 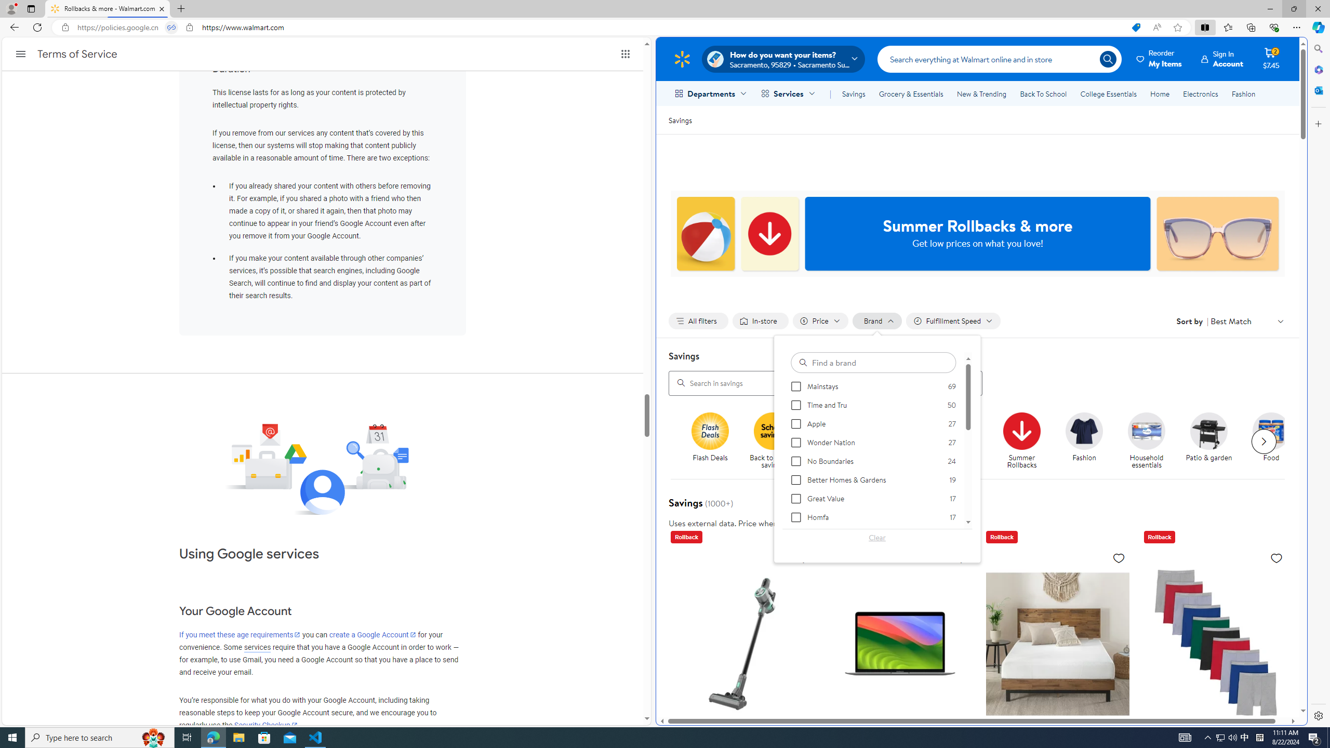 What do you see at coordinates (710, 430) in the screenshot?
I see `'Flash deals'` at bounding box center [710, 430].